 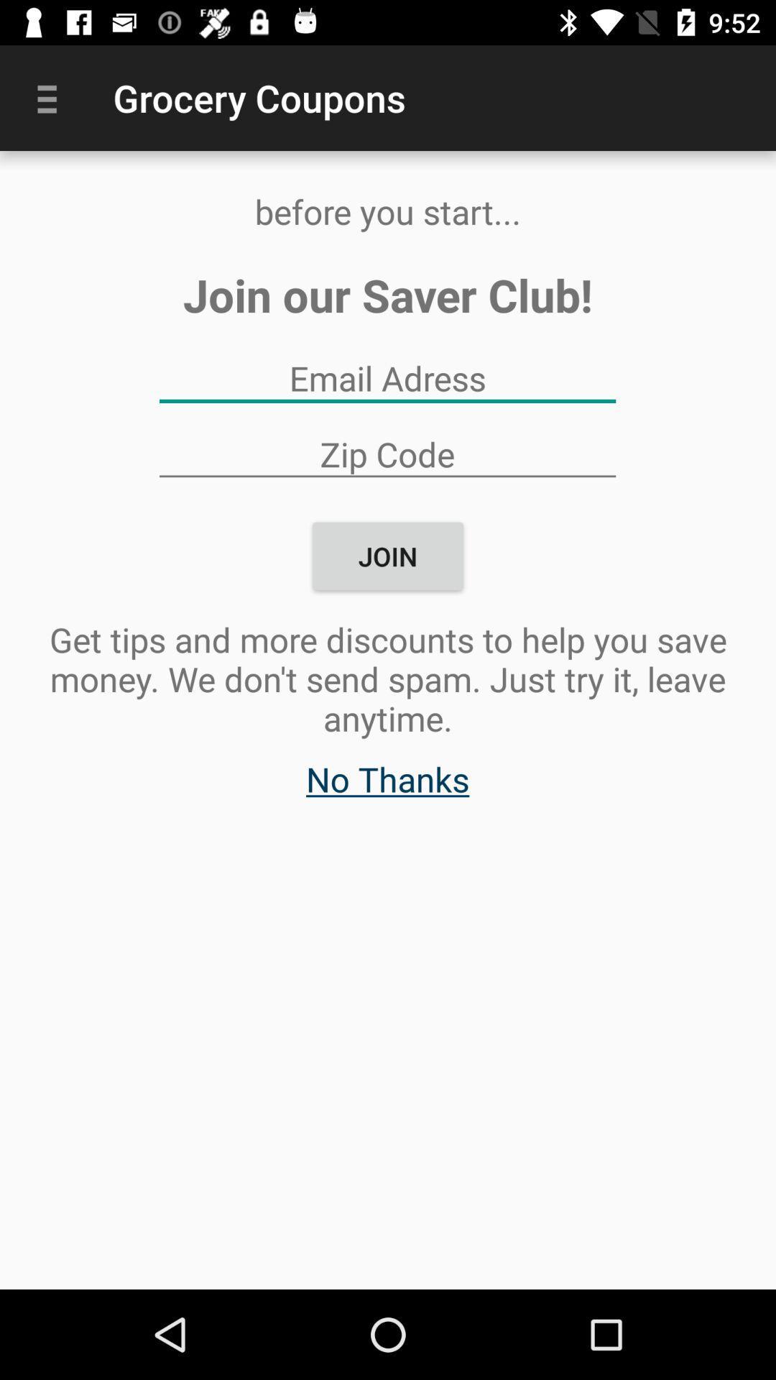 What do you see at coordinates (387, 786) in the screenshot?
I see `no thanks item` at bounding box center [387, 786].